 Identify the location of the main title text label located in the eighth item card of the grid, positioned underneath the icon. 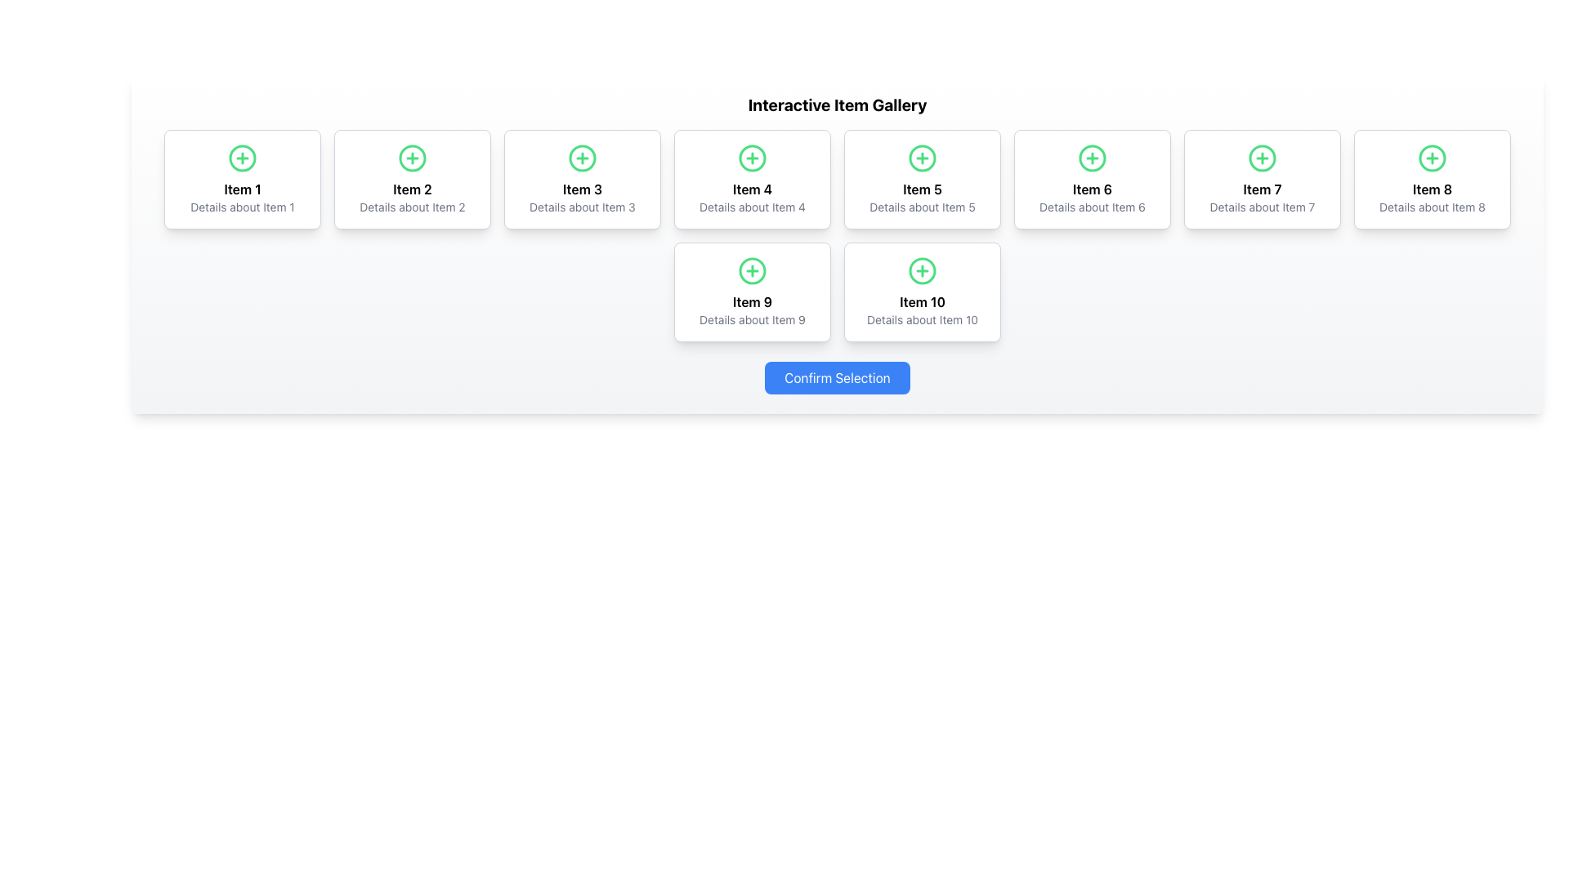
(1431, 188).